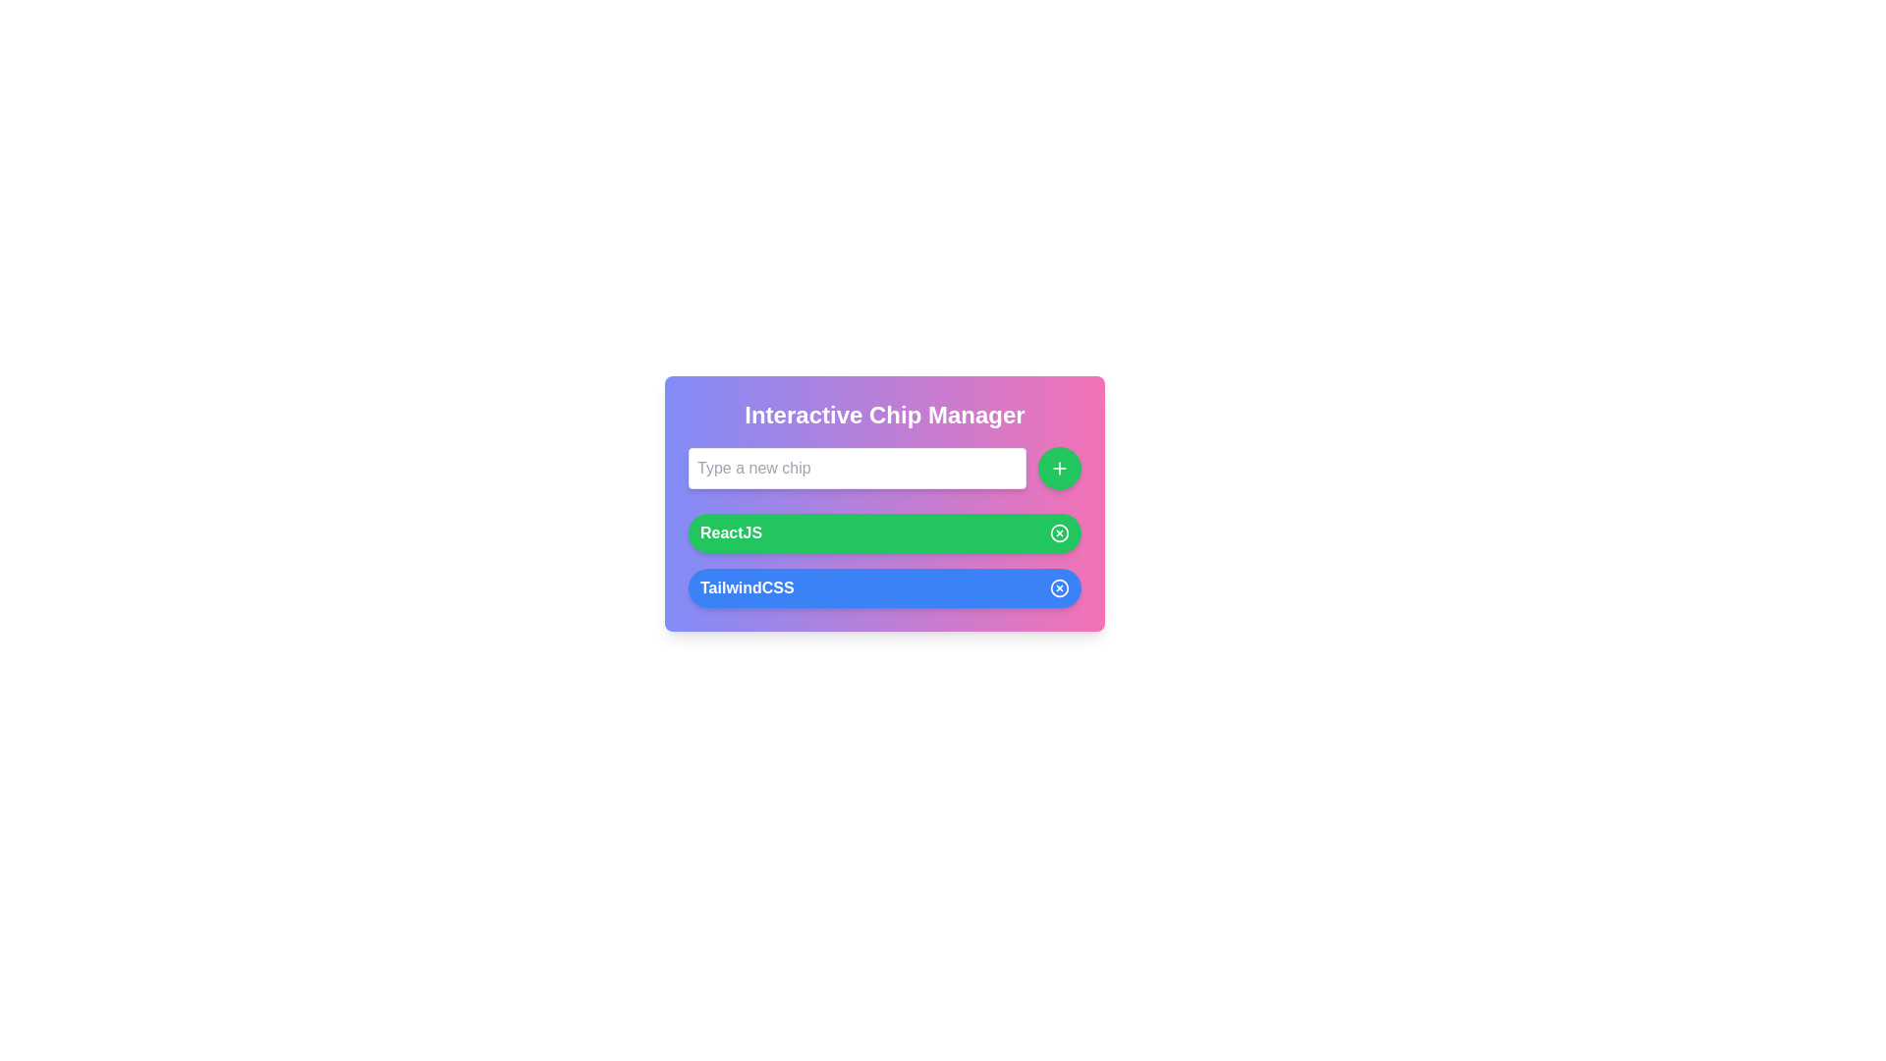 The width and height of the screenshot is (1886, 1061). I want to click on the text label displaying 'ReactJS', which is styled in bold font and positioned within a green chip component, located above the 'TailwindCSS' chip and to the left of an interactive close button, so click(730, 533).